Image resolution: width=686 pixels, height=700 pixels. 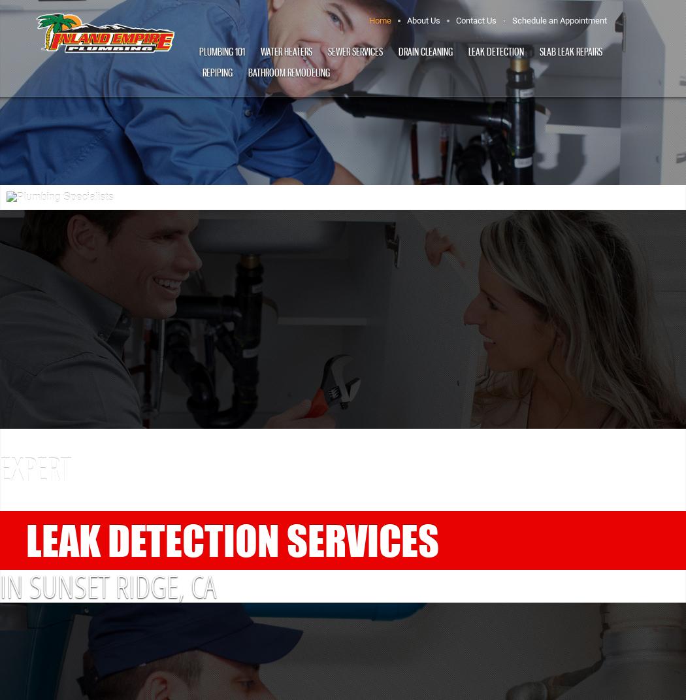 What do you see at coordinates (198, 52) in the screenshot?
I see `'Plumbing 101'` at bounding box center [198, 52].